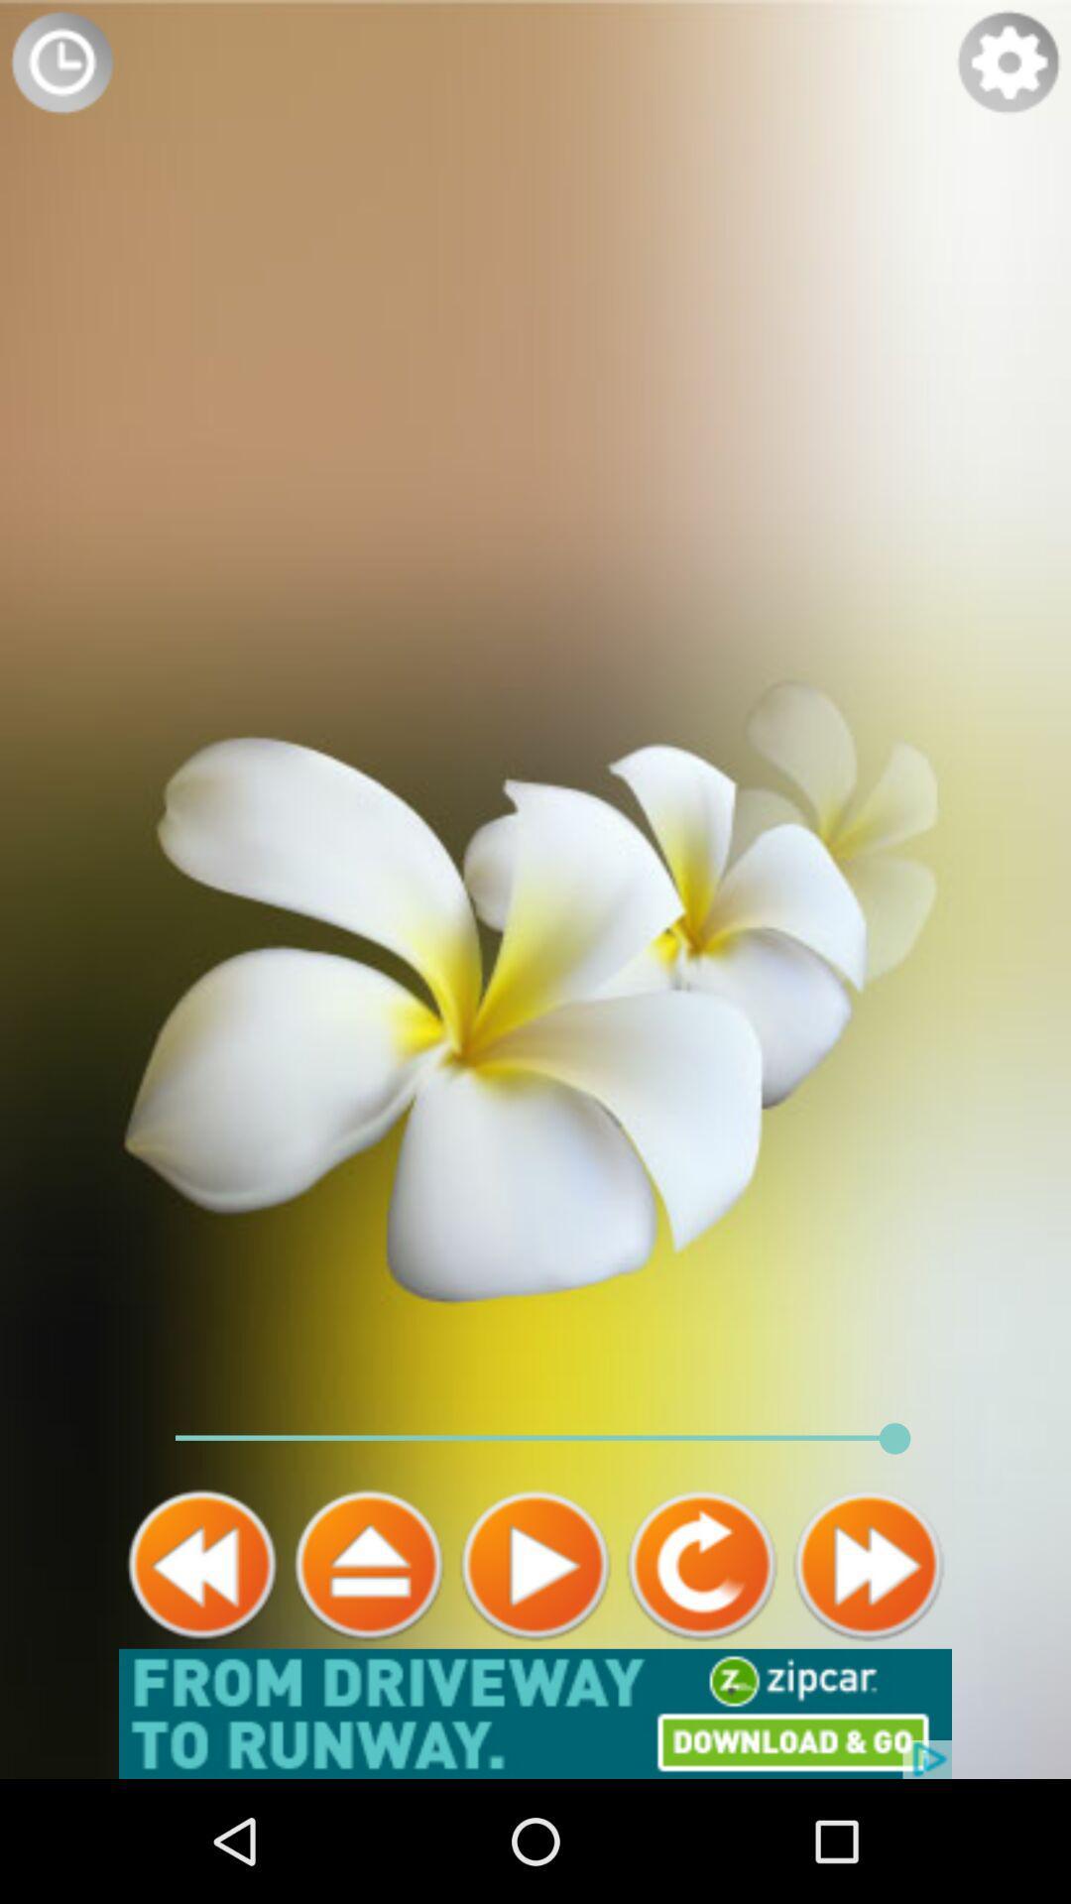 This screenshot has width=1071, height=1904. I want to click on the refresh icon, so click(701, 1564).